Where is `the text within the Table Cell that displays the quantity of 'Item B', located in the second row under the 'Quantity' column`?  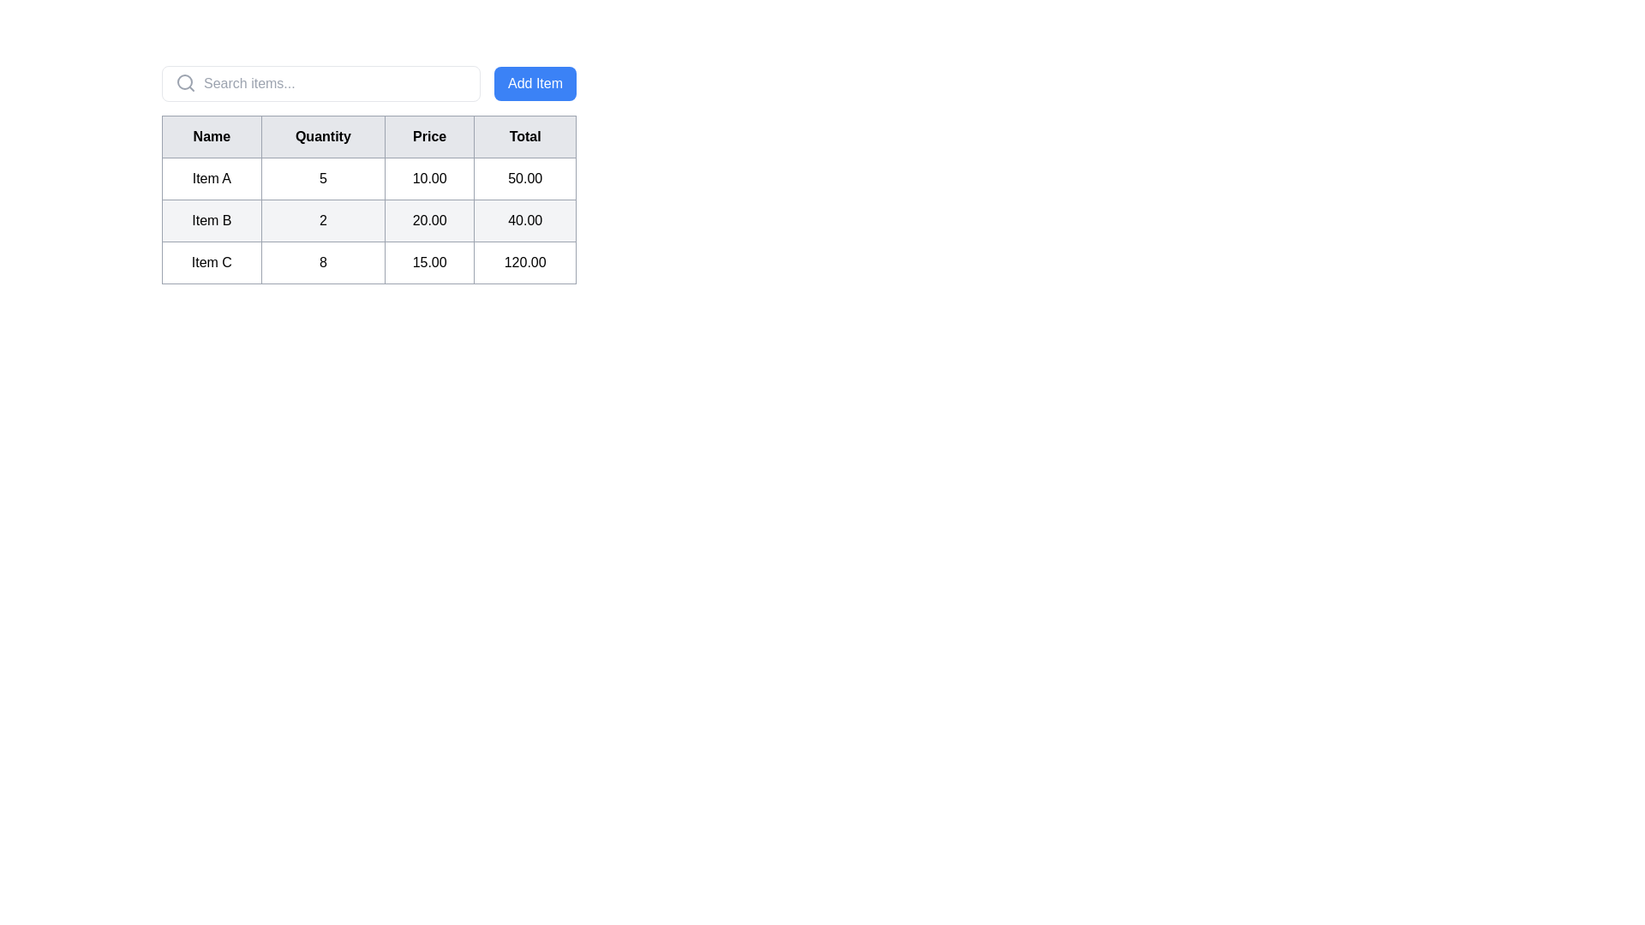
the text within the Table Cell that displays the quantity of 'Item B', located in the second row under the 'Quantity' column is located at coordinates (368, 220).